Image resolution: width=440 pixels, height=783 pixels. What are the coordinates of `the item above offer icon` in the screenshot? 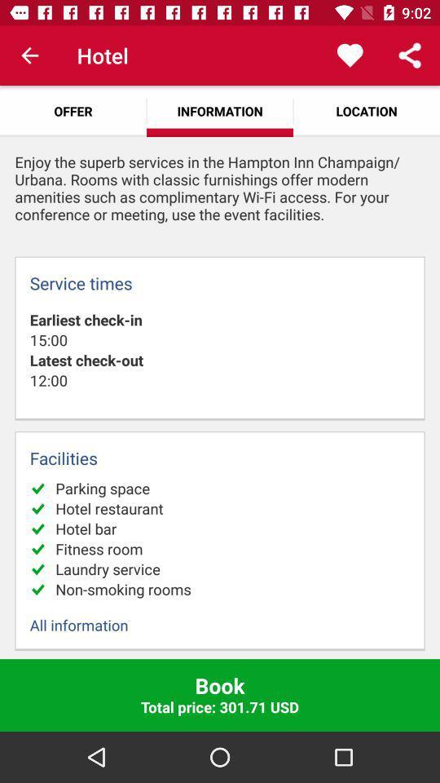 It's located at (29, 55).